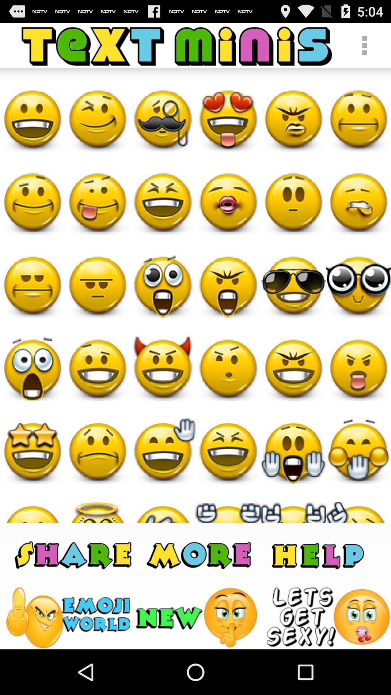  Describe the element at coordinates (67, 617) in the screenshot. I see `open emoji world category` at that location.